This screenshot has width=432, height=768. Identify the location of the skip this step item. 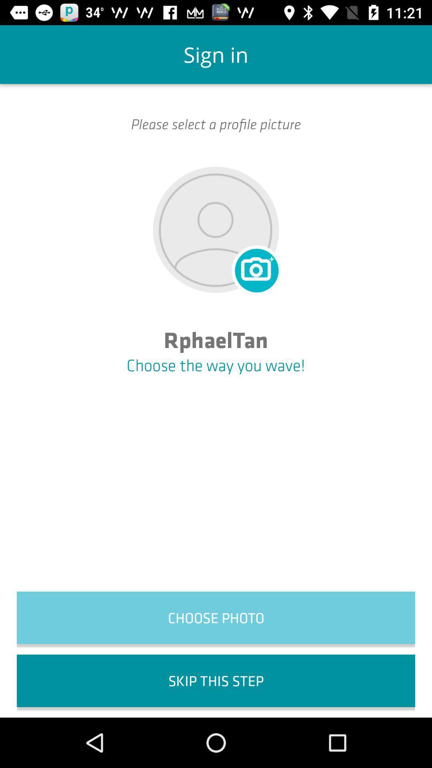
(216, 680).